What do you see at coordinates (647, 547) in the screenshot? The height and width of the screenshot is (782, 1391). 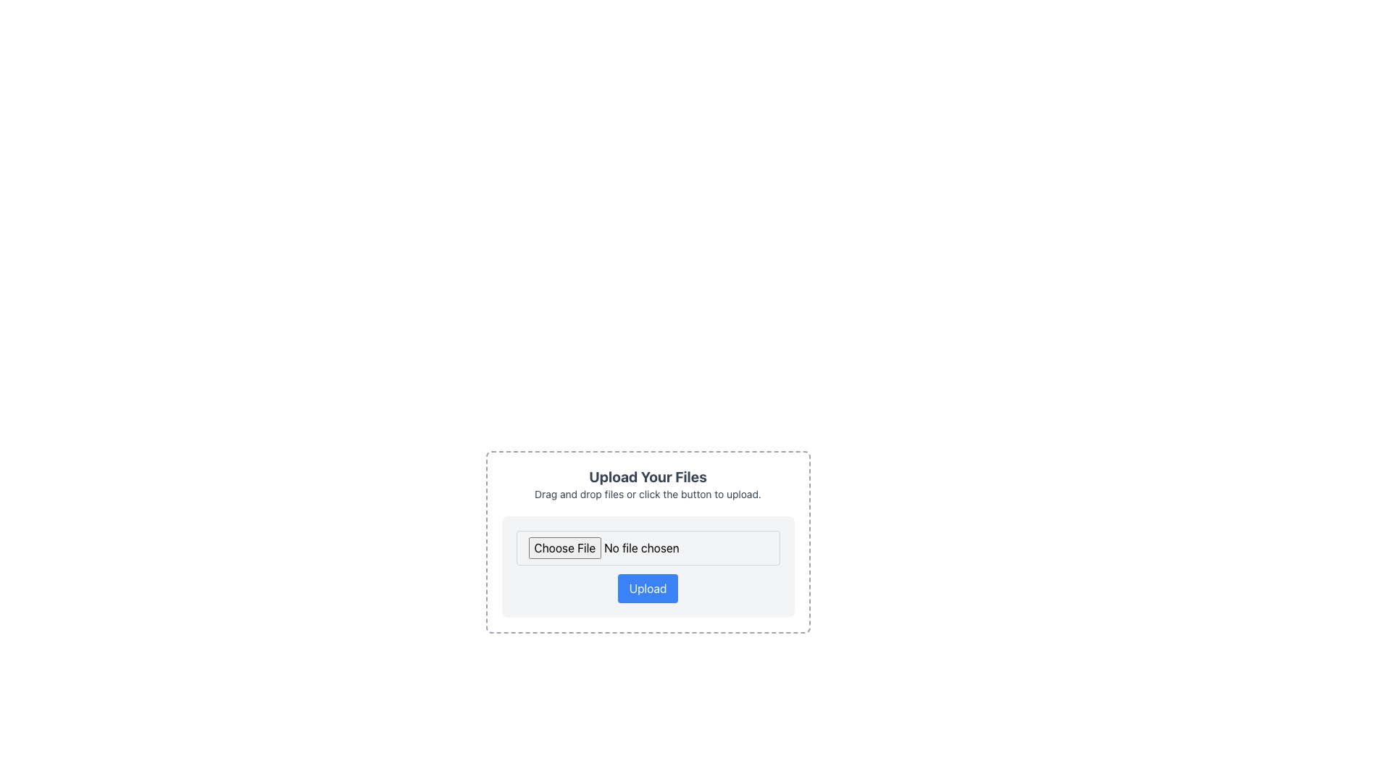 I see `and drop a file into the File Input Field located above the 'Upload' button with a light gray background and rounded corners` at bounding box center [647, 547].